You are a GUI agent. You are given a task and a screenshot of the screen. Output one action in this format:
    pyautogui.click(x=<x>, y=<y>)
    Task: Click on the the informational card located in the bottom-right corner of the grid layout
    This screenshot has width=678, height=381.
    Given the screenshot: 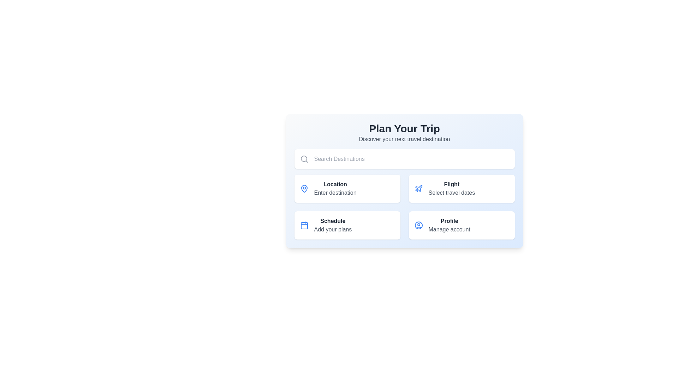 What is the action you would take?
    pyautogui.click(x=462, y=225)
    